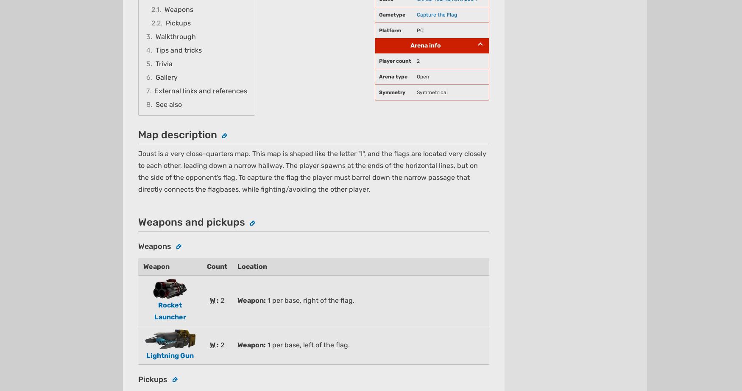  I want to click on 'About', so click(282, 357).